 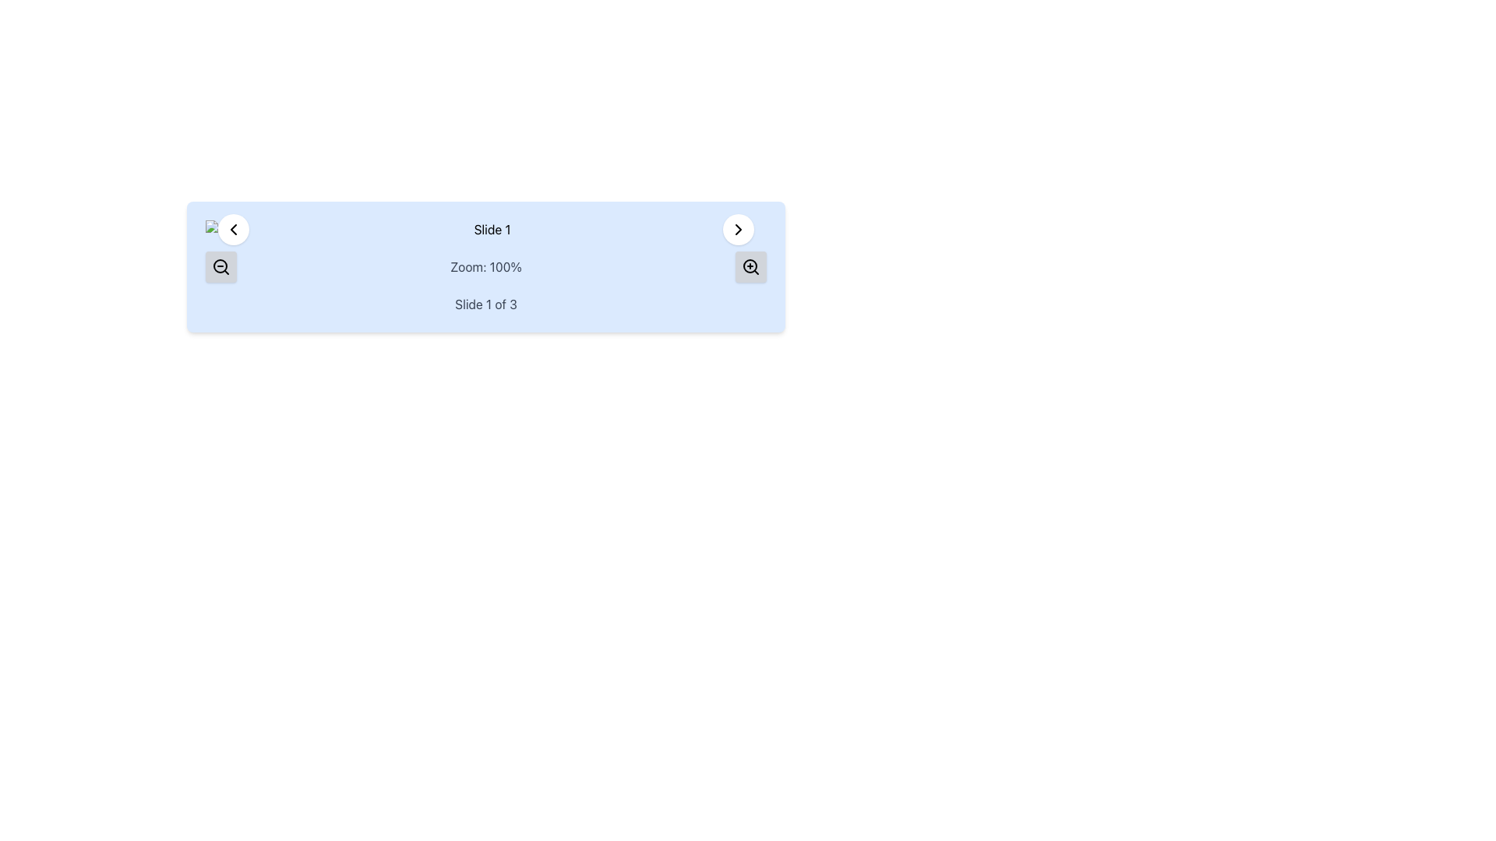 What do you see at coordinates (738, 229) in the screenshot?
I see `the arrow button located in the top-right corner of a light blue toolbar` at bounding box center [738, 229].